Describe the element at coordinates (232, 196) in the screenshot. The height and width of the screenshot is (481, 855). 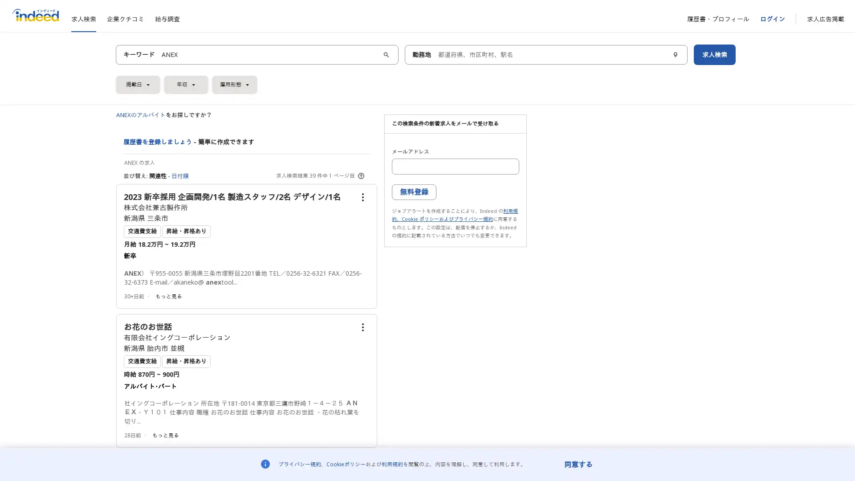
I see `2023  /1 /2 /1` at that location.